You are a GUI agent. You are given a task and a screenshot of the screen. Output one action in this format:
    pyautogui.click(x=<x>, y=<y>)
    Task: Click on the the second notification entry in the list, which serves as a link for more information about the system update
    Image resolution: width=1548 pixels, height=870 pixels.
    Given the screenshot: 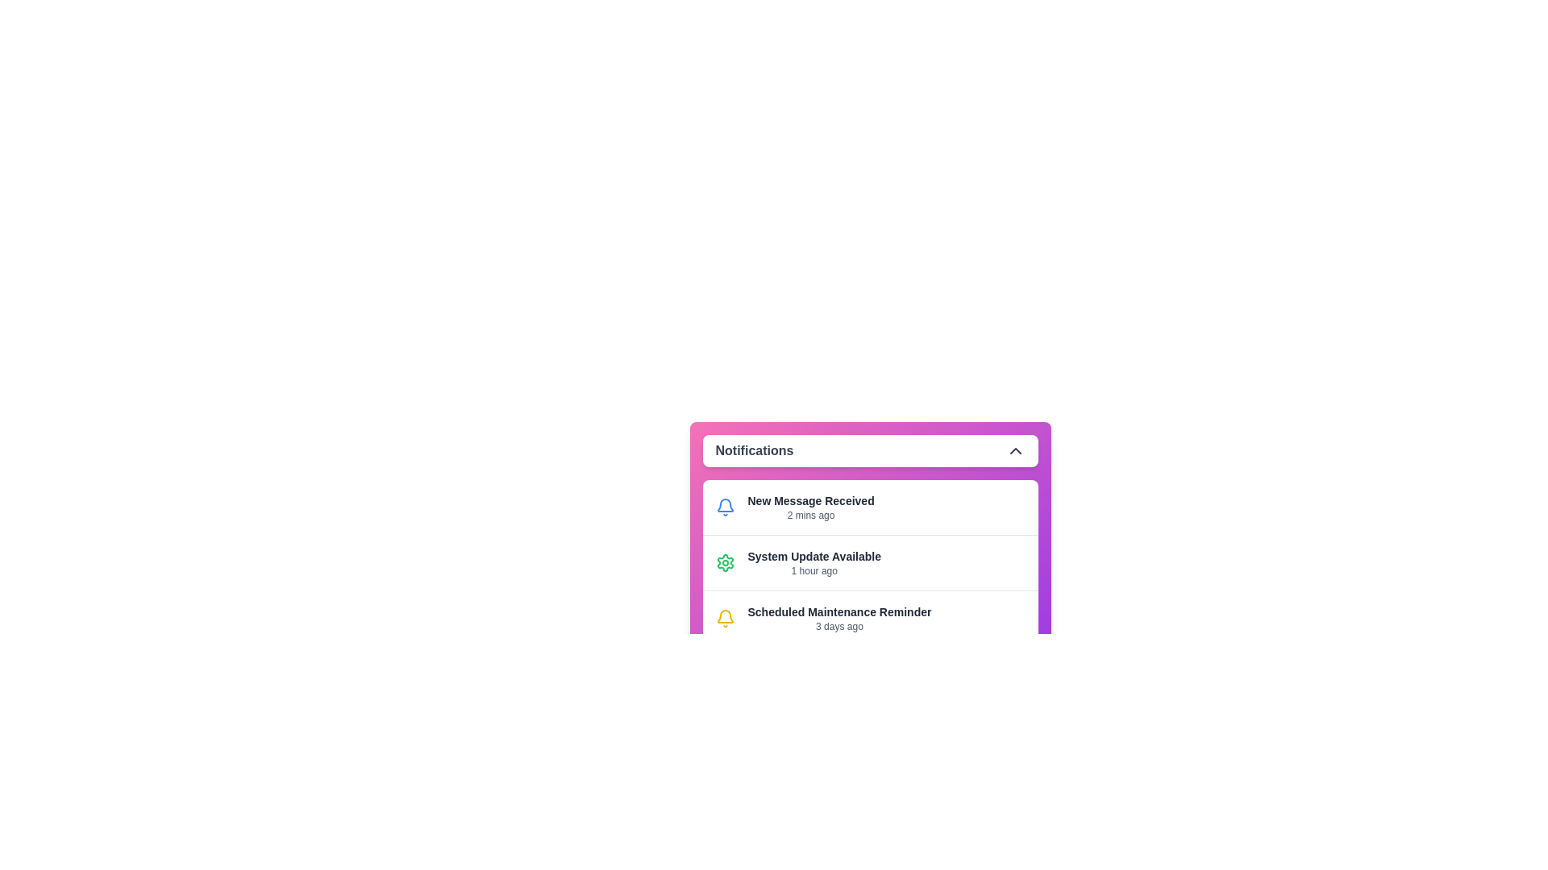 What is the action you would take?
    pyautogui.click(x=814, y=561)
    